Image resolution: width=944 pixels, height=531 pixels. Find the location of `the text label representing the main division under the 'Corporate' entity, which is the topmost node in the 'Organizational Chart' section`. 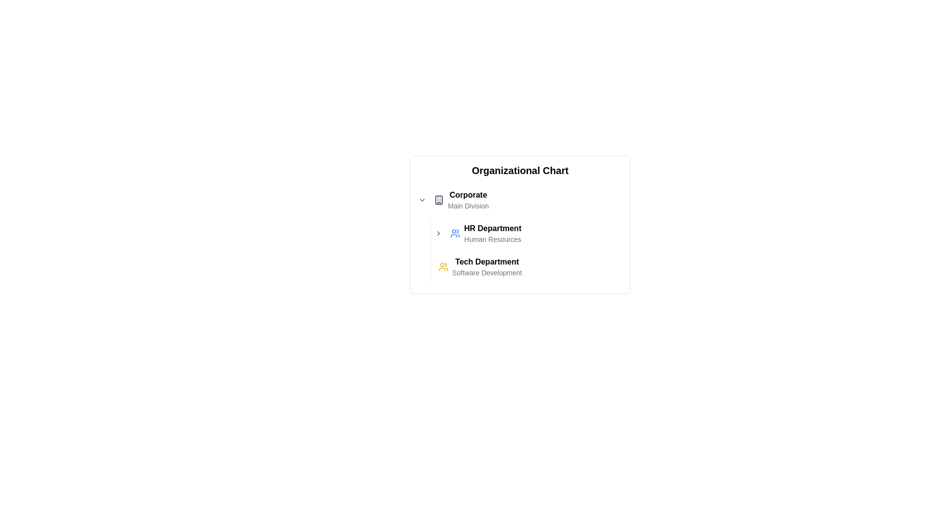

the text label representing the main division under the 'Corporate' entity, which is the topmost node in the 'Organizational Chart' section is located at coordinates (468, 200).